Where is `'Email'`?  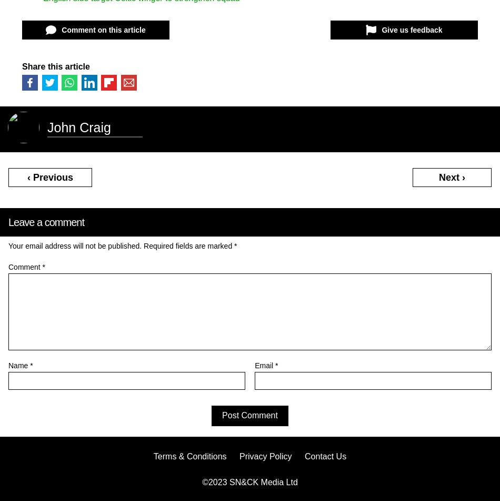
'Email' is located at coordinates (255, 365).